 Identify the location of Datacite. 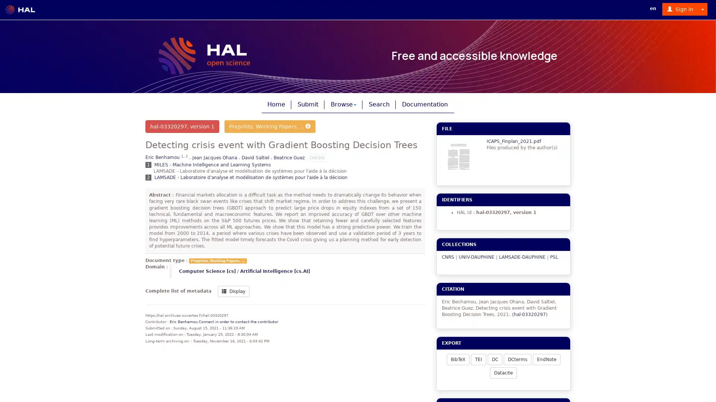
(503, 373).